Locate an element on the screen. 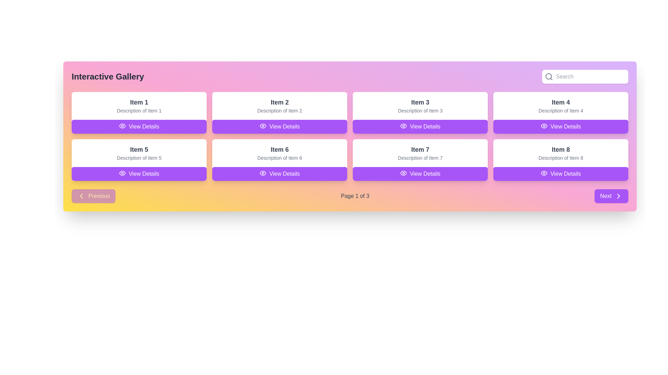 Image resolution: width=668 pixels, height=375 pixels. the button located below 'Description of Item 4' in the 'Item 4' section is located at coordinates (561, 127).